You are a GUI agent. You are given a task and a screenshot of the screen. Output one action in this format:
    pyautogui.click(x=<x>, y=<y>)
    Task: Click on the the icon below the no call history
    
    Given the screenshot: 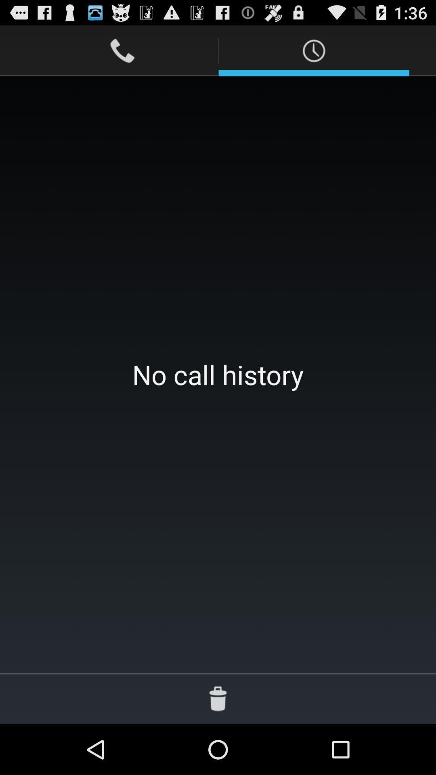 What is the action you would take?
    pyautogui.click(x=218, y=698)
    